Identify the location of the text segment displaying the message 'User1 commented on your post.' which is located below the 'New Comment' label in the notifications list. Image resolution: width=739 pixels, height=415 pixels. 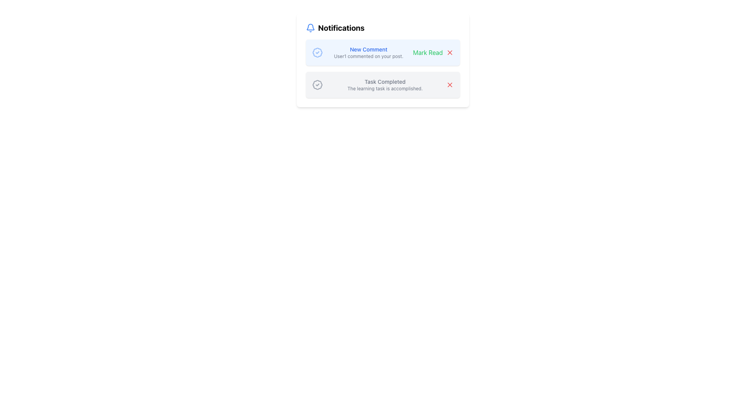
(368, 56).